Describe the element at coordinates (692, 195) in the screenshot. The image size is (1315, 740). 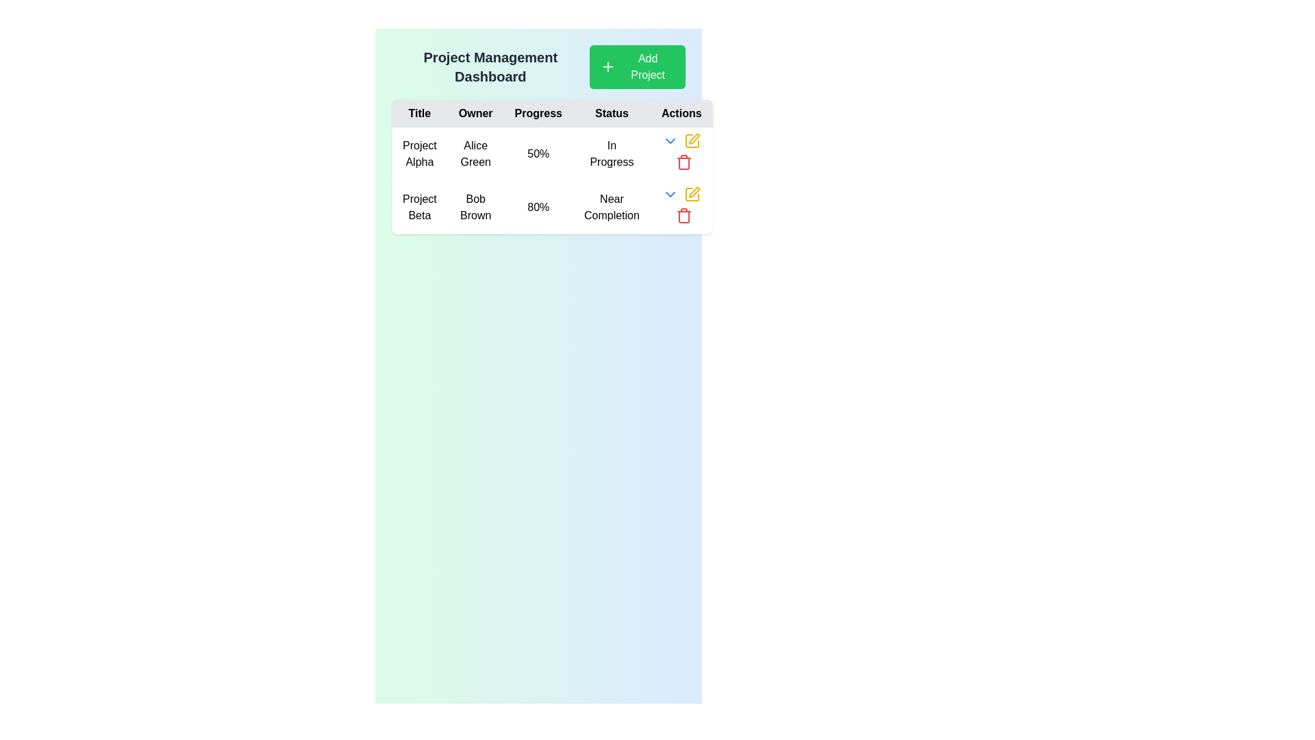
I see `the pen-shaped icon located in the 'Actions' column of the second row of the table` at that location.